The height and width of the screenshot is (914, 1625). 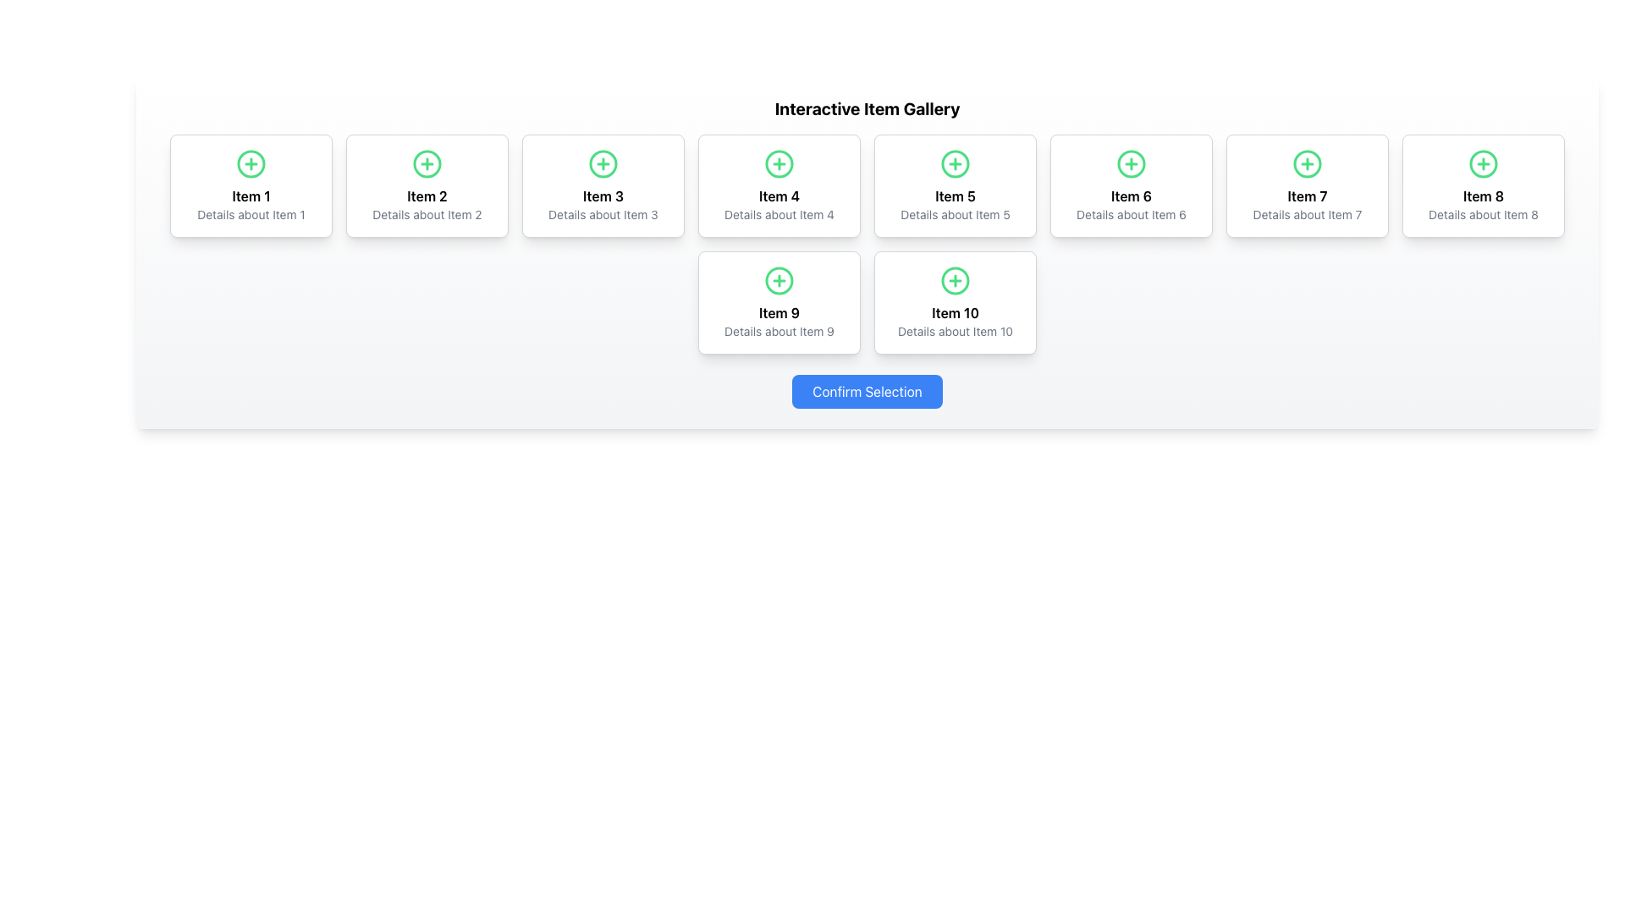 I want to click on the informational Text label for 'Item 4', which is located in the second row, second column of the grid layout, below the title text 'Item 4', so click(x=779, y=214).